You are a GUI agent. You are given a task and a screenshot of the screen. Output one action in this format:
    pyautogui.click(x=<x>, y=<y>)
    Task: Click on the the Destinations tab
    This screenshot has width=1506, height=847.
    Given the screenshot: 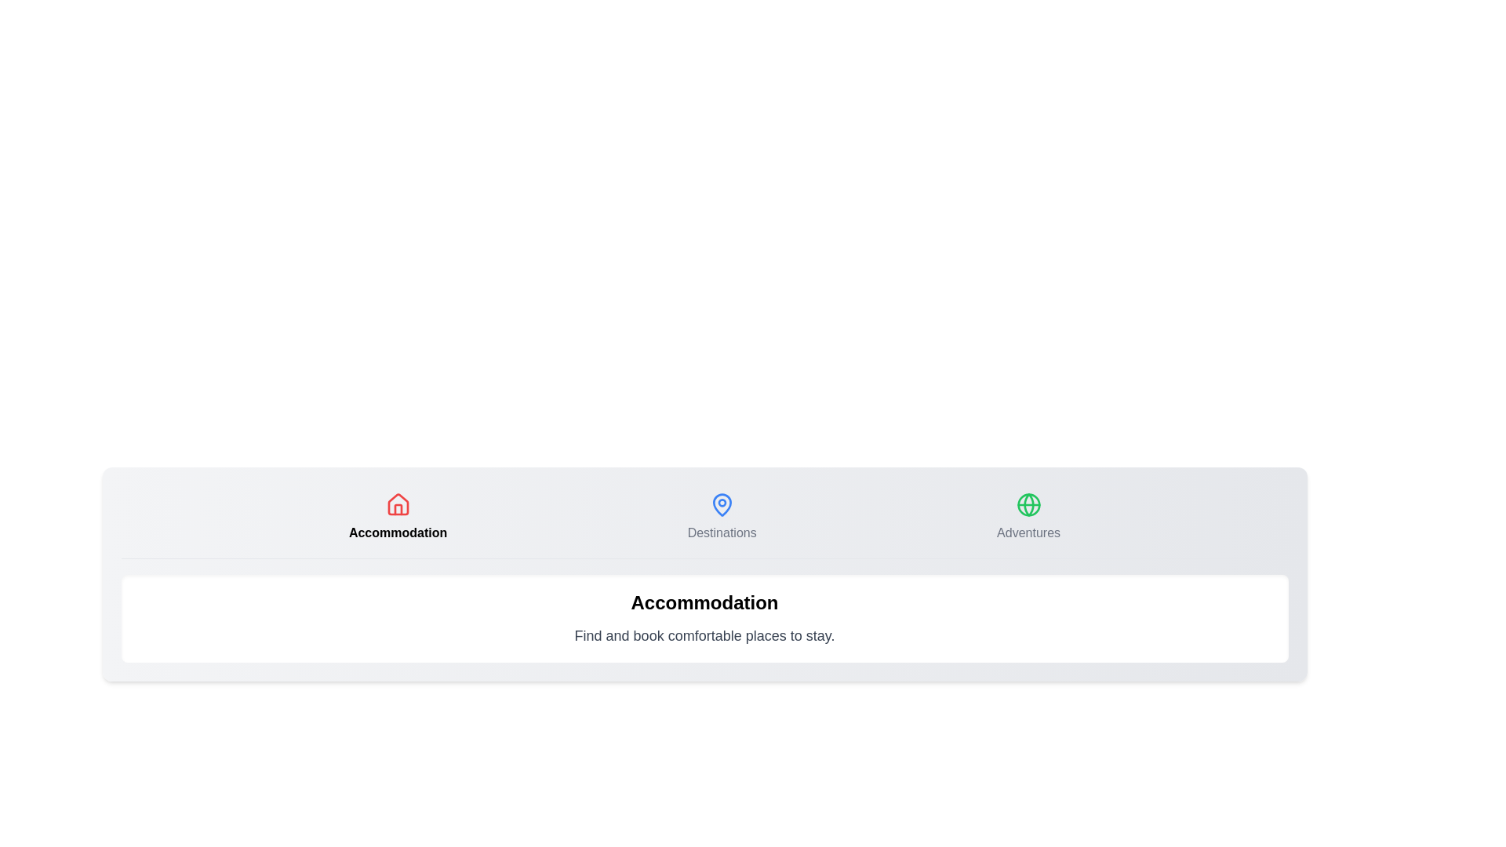 What is the action you would take?
    pyautogui.click(x=721, y=517)
    